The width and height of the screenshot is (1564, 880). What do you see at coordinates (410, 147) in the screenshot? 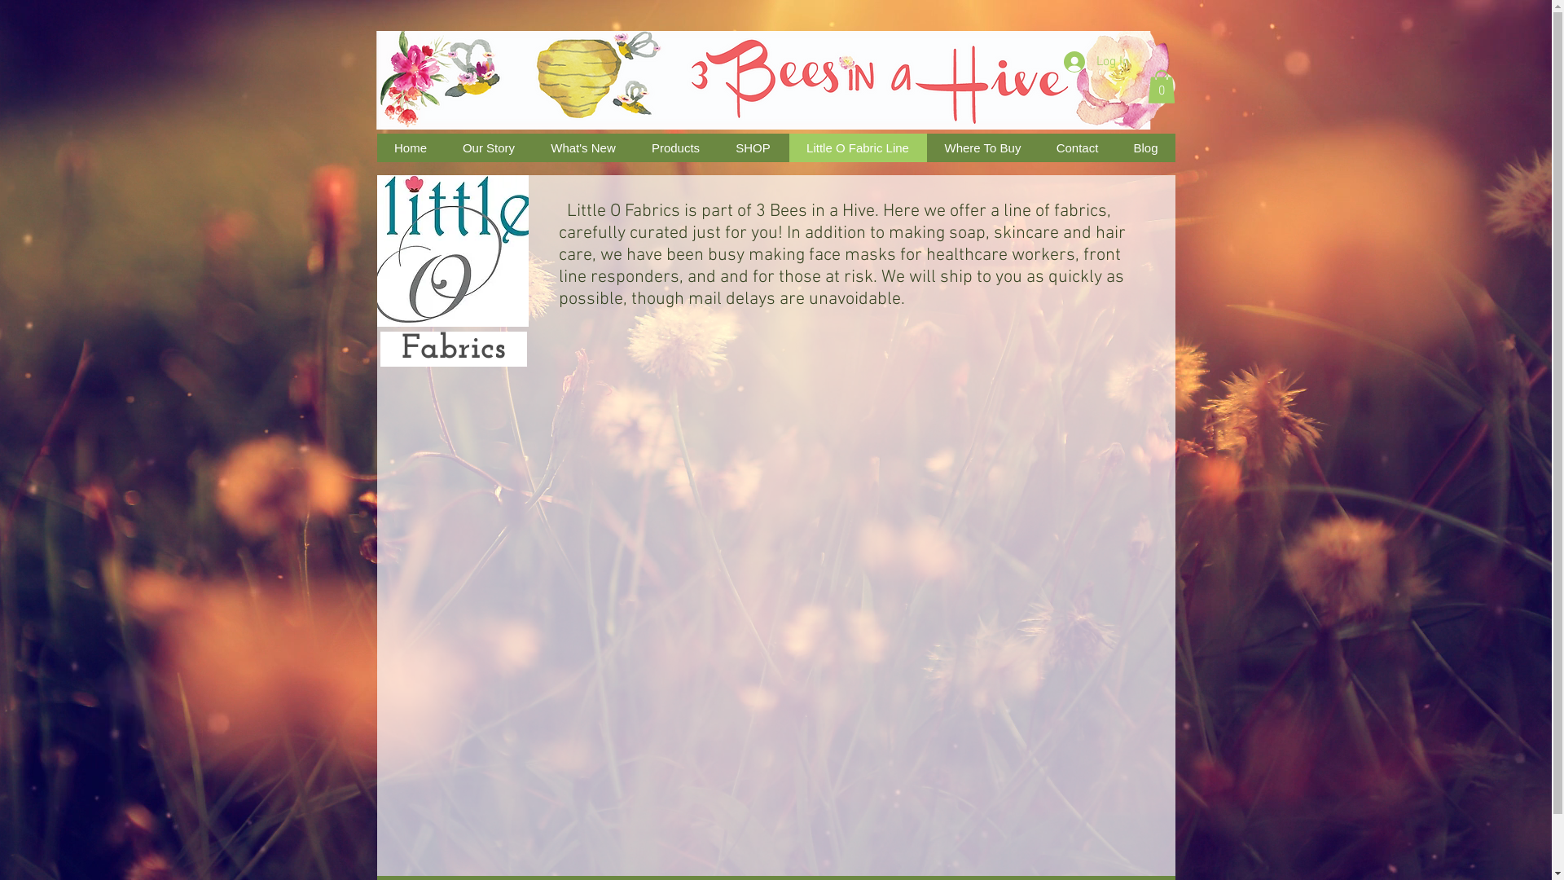
I see `'Home'` at bounding box center [410, 147].